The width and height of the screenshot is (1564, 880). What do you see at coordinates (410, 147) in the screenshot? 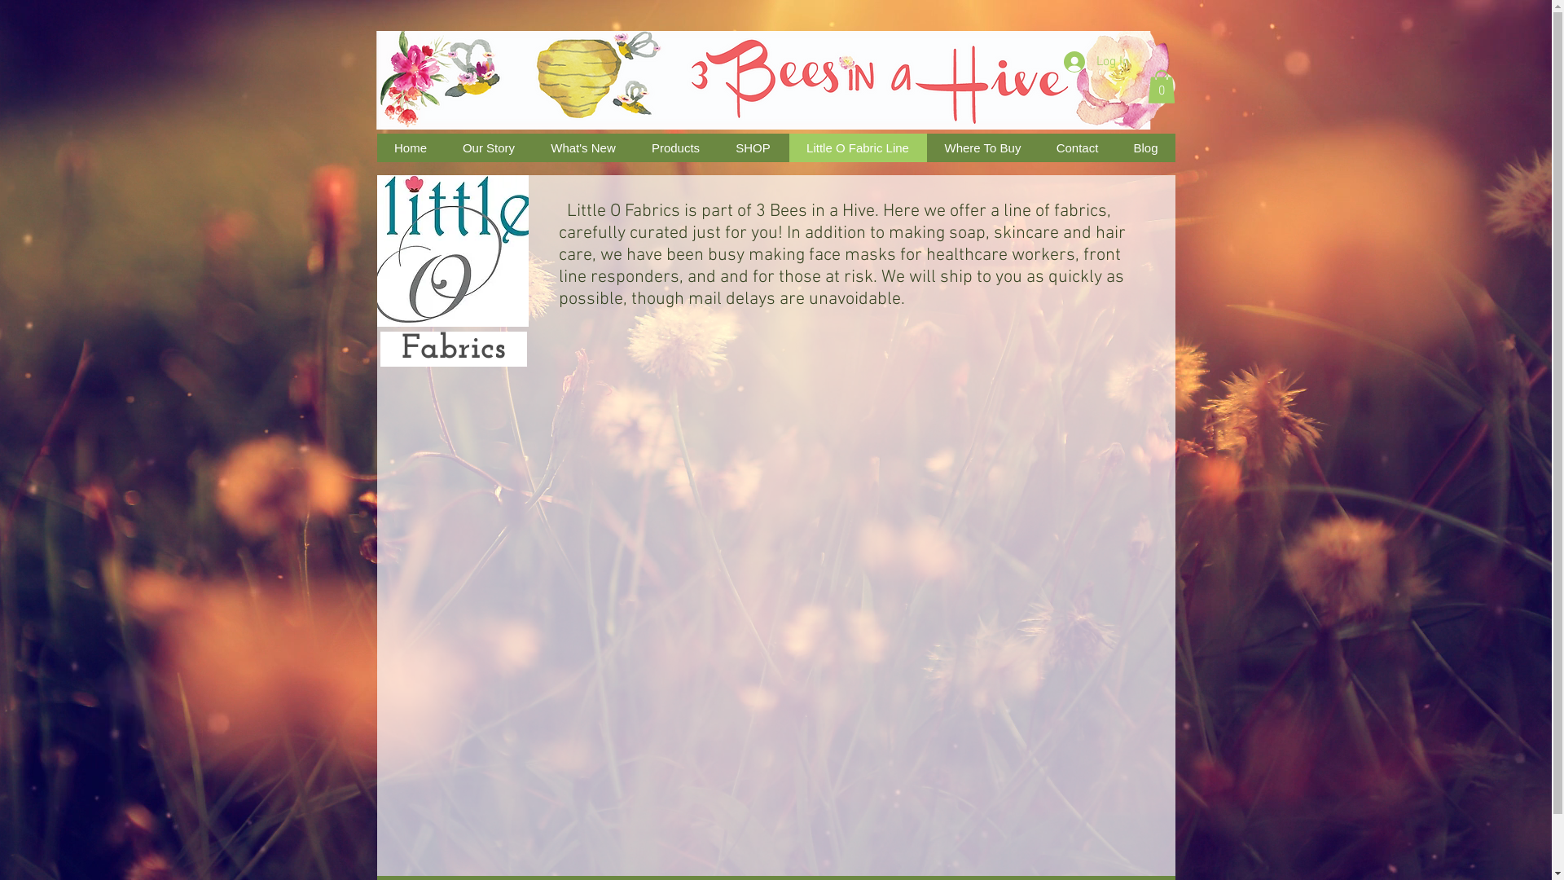
I see `'Home'` at bounding box center [410, 147].